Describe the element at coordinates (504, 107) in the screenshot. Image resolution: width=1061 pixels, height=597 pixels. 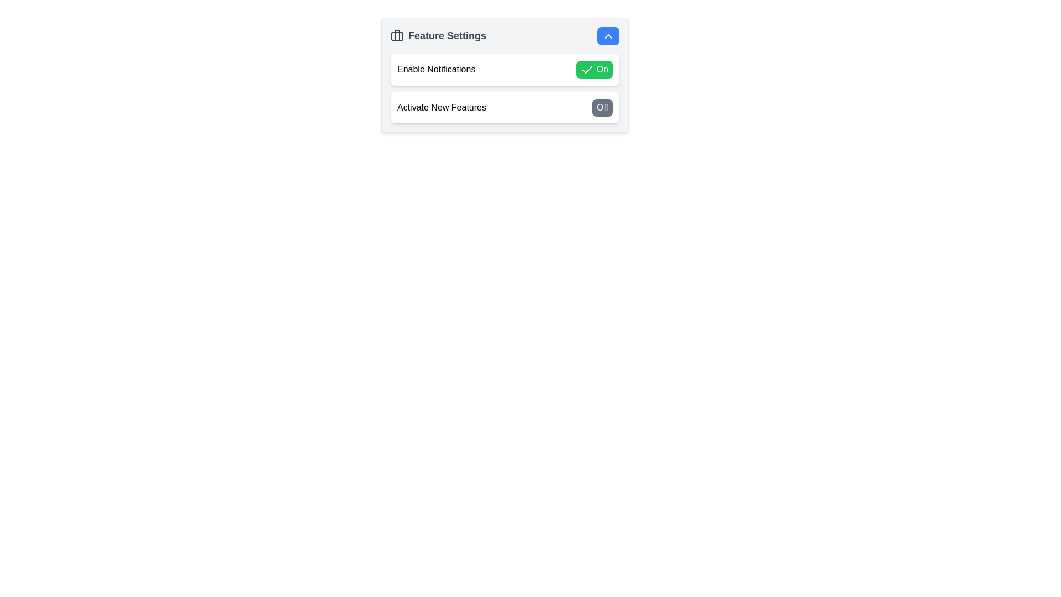
I see `the 'Off' button of the toggle switch labeled 'Activate New Features'` at that location.